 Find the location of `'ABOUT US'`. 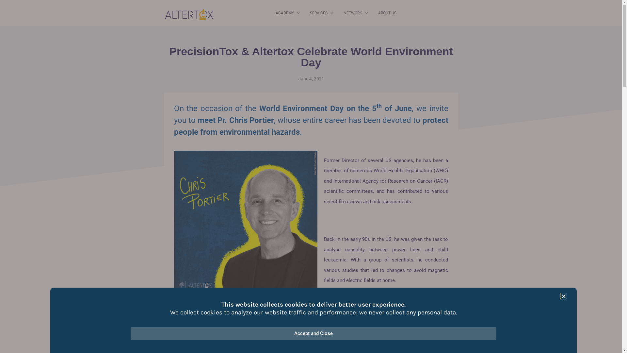

'ABOUT US' is located at coordinates (387, 13).